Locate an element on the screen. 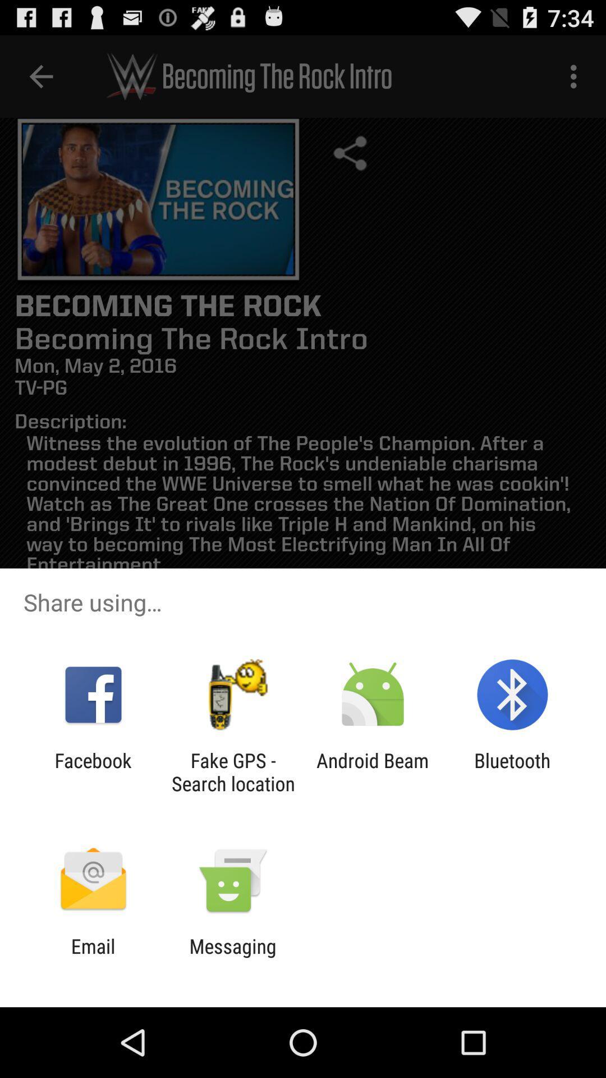  item to the right of fake gps search is located at coordinates (373, 771).